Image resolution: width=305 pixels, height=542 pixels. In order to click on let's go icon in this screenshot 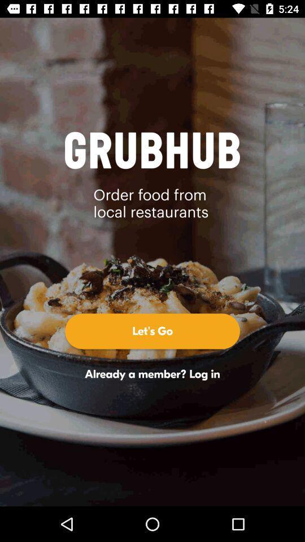, I will do `click(152, 331)`.